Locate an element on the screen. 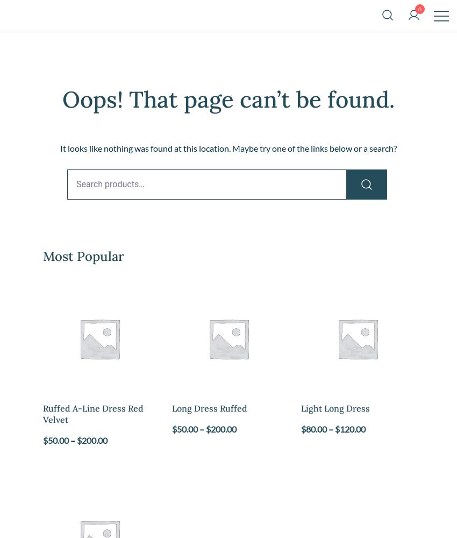  '80.00' is located at coordinates (316, 428).